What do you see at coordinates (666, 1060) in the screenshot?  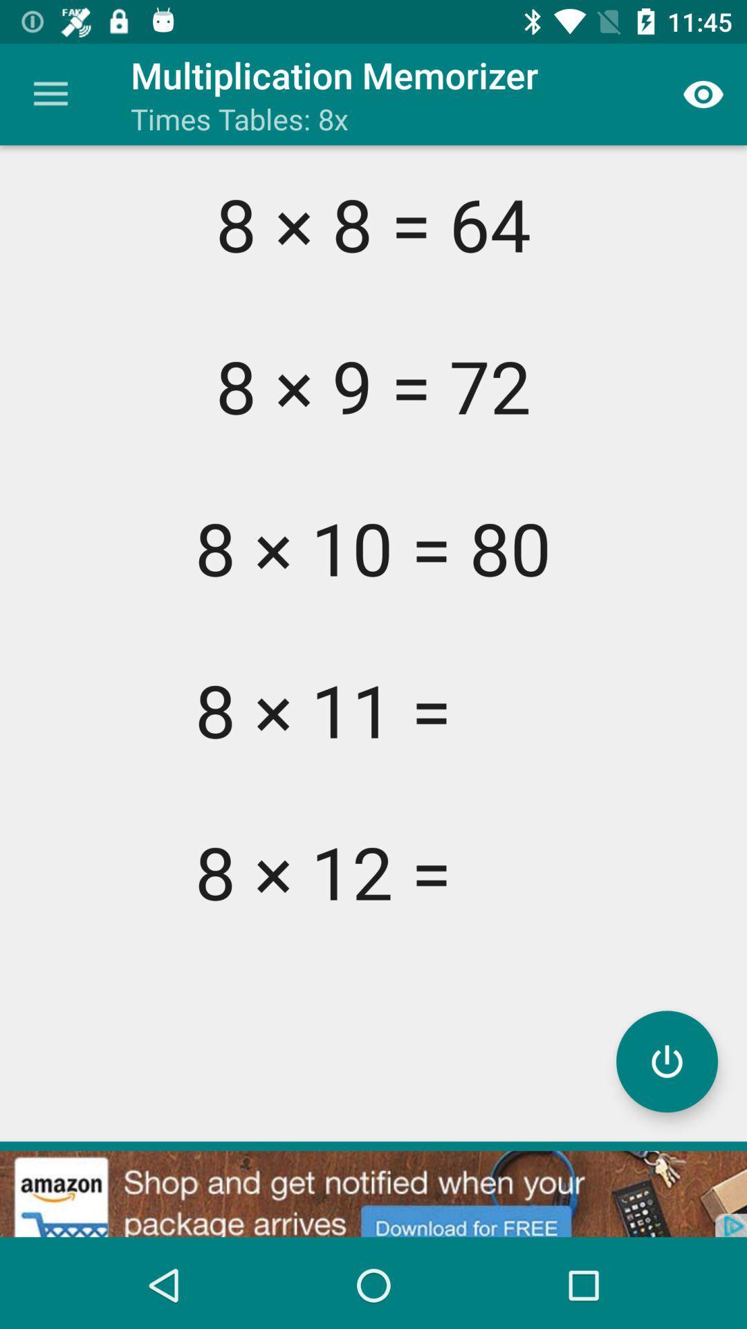 I see `start` at bounding box center [666, 1060].